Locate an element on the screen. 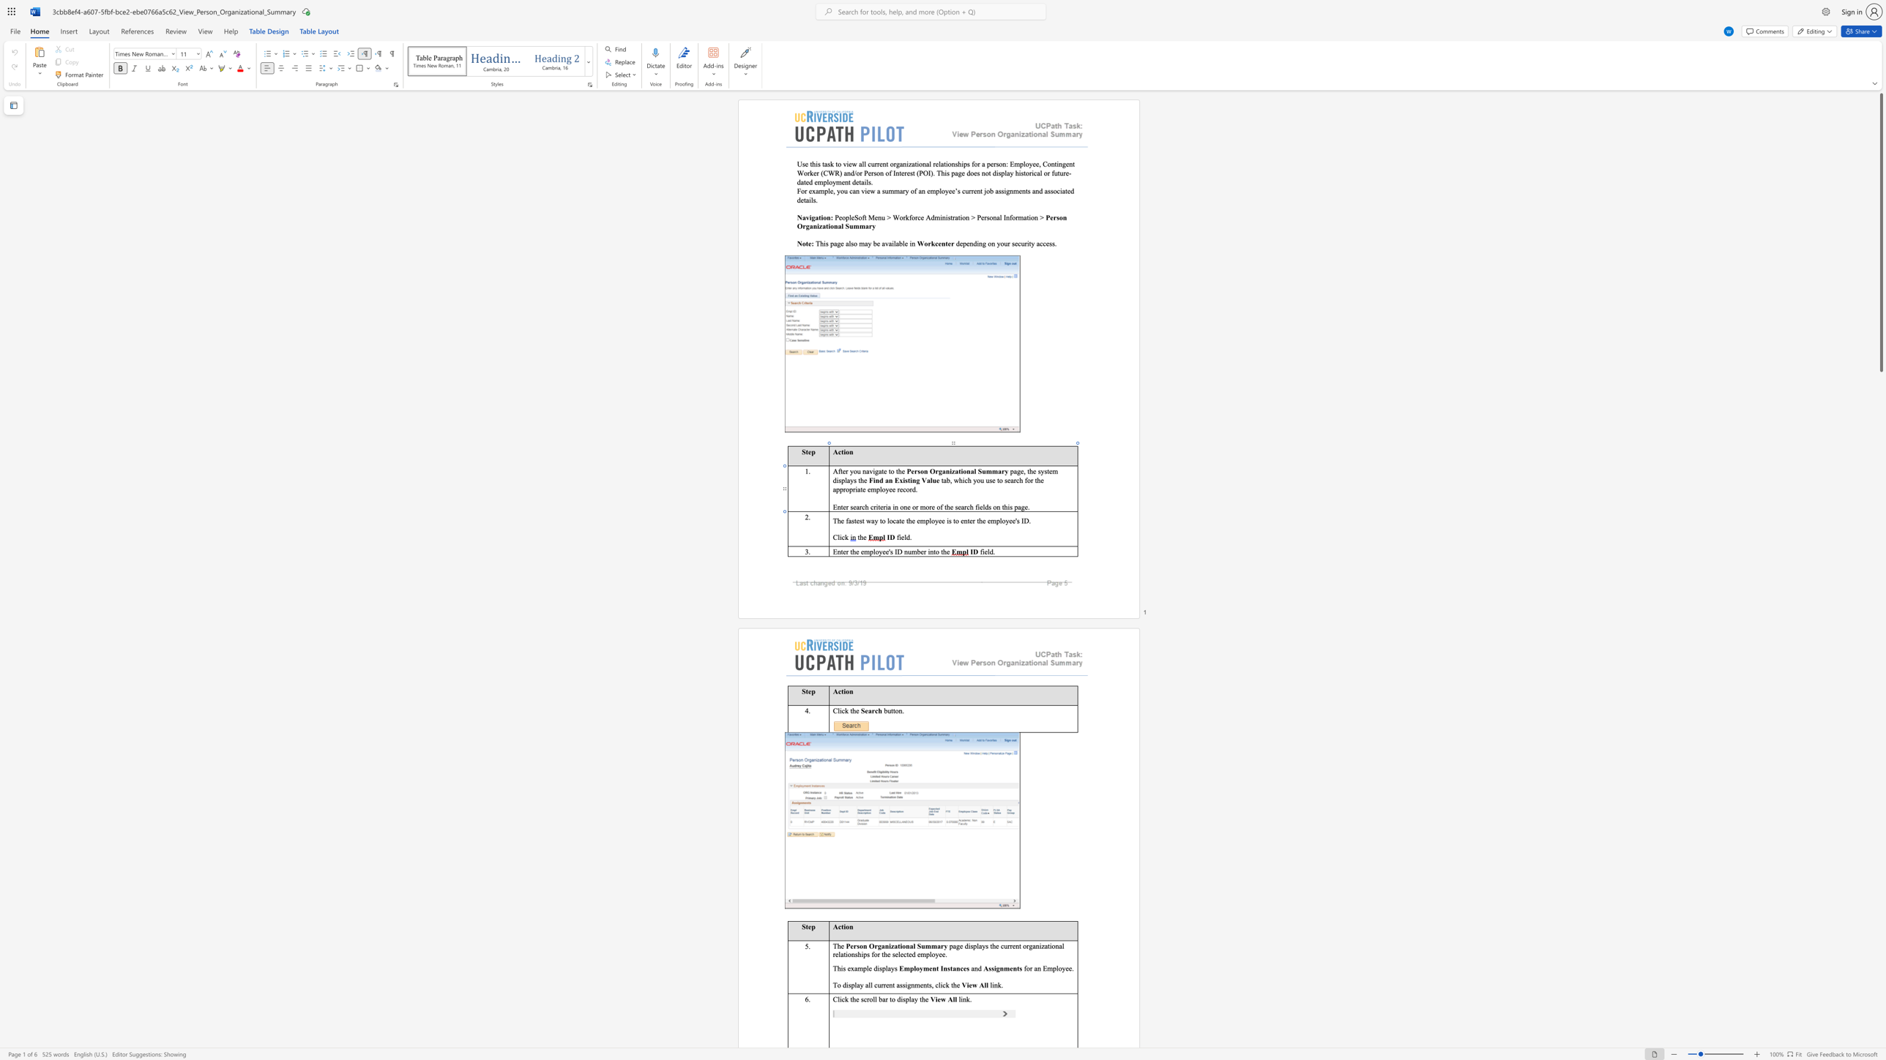 The height and width of the screenshot is (1060, 1886). the space between the continuous character "s" and "p" in the text is located at coordinates (881, 967).